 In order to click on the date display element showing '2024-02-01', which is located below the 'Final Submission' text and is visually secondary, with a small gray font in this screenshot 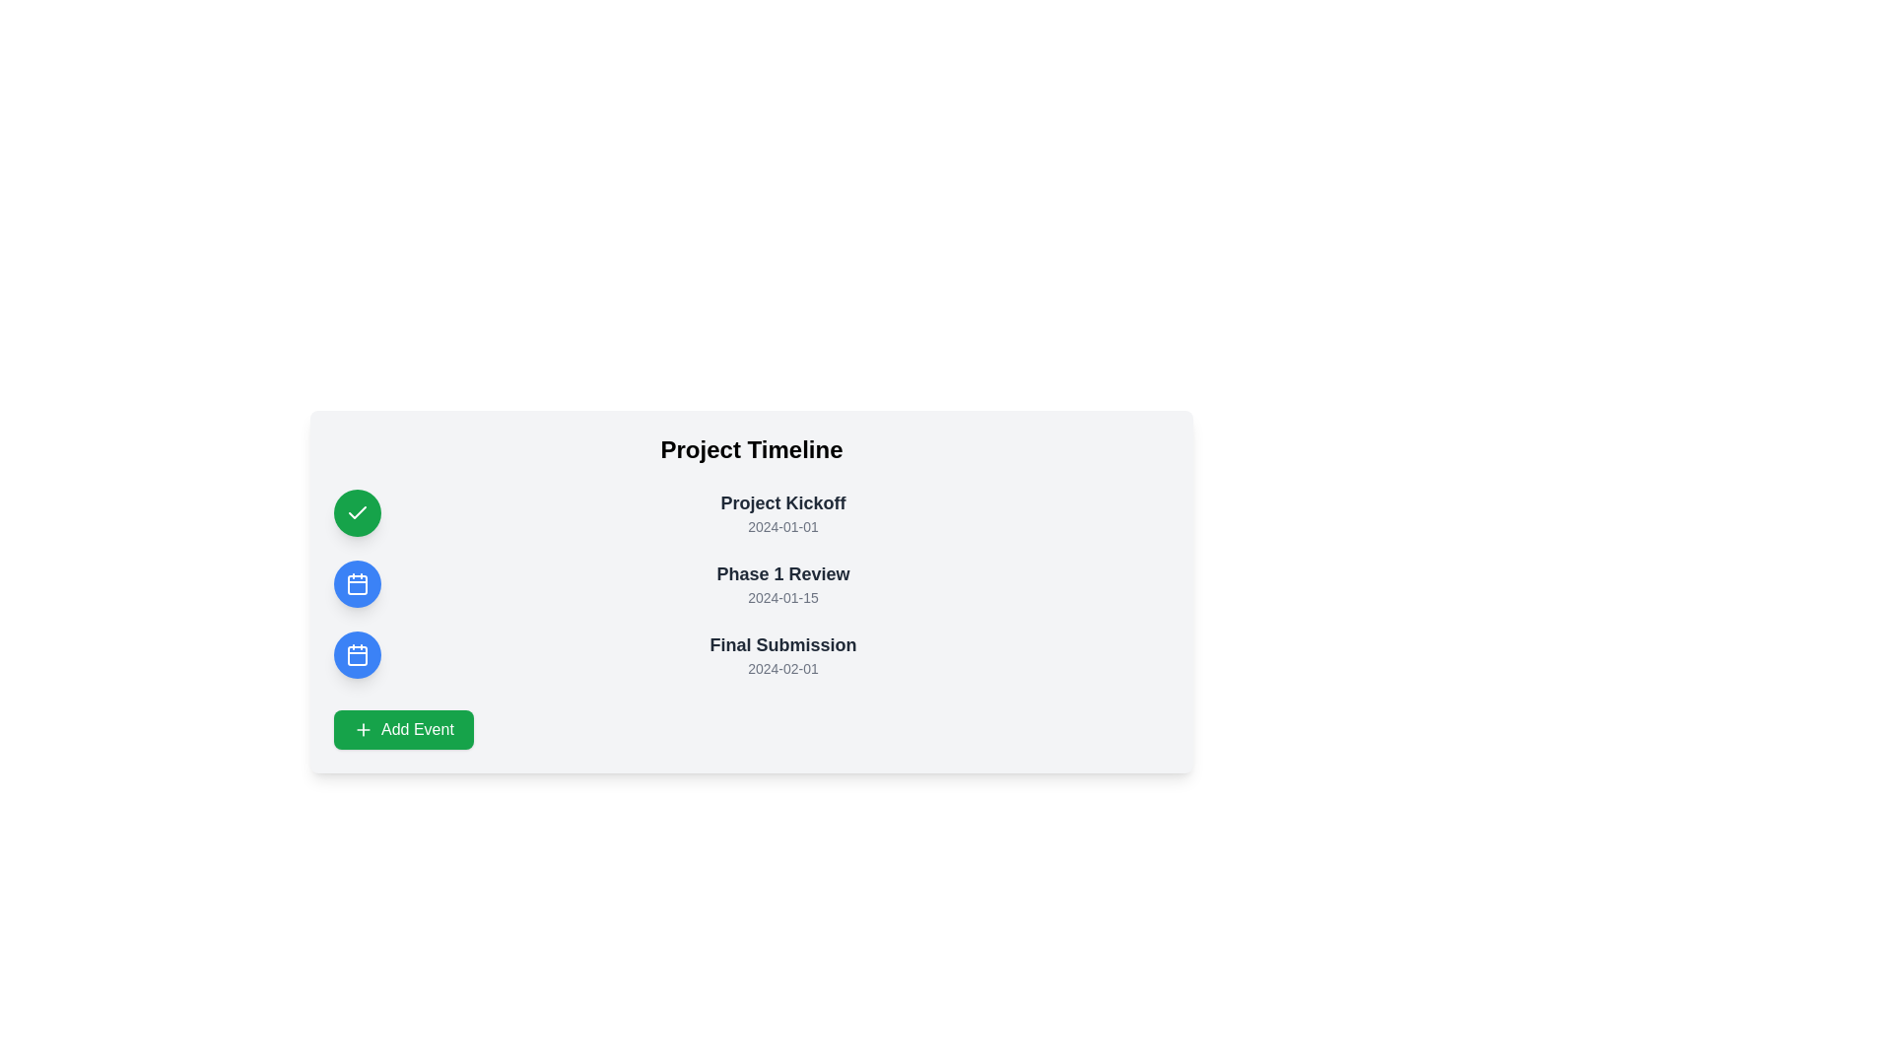, I will do `click(782, 667)`.